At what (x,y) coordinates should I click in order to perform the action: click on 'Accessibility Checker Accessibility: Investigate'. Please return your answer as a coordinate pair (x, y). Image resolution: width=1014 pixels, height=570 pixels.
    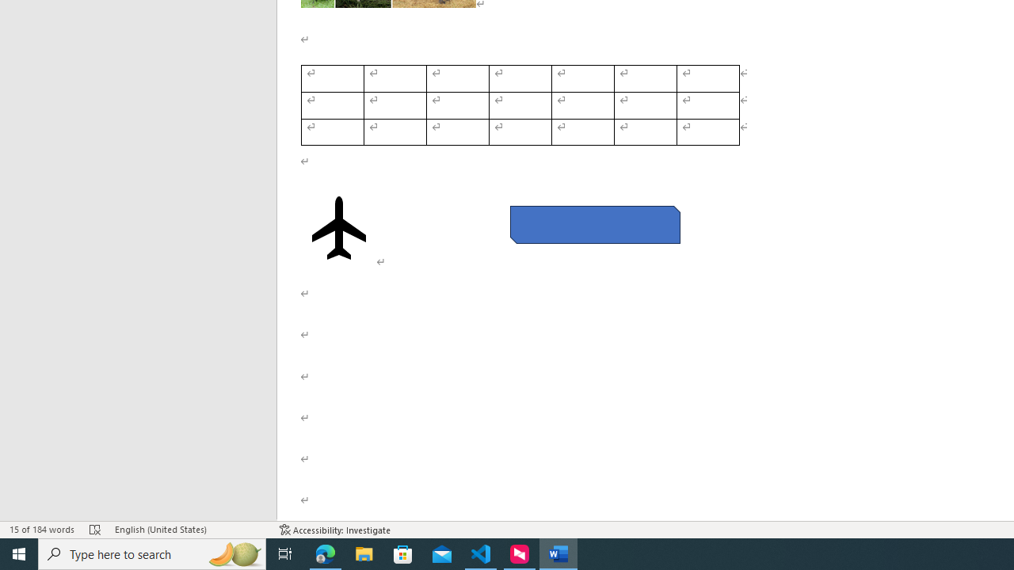
    Looking at the image, I should click on (334, 530).